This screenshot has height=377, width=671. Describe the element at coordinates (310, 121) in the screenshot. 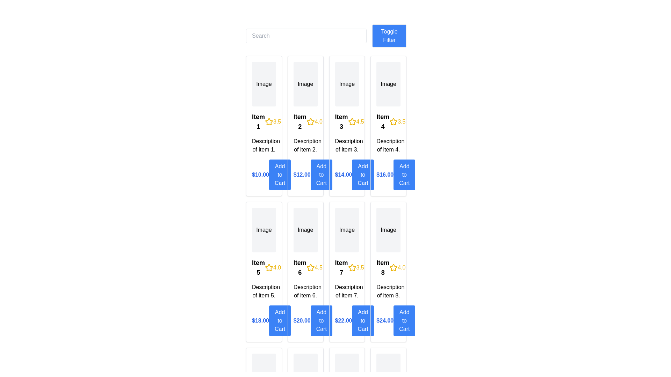

I see `the star-shaped icon with a yellow outline, located in the second item card under the numeric rating '4.0', to the right of 'Item 2' and above the 'Add to Cart' button` at that location.